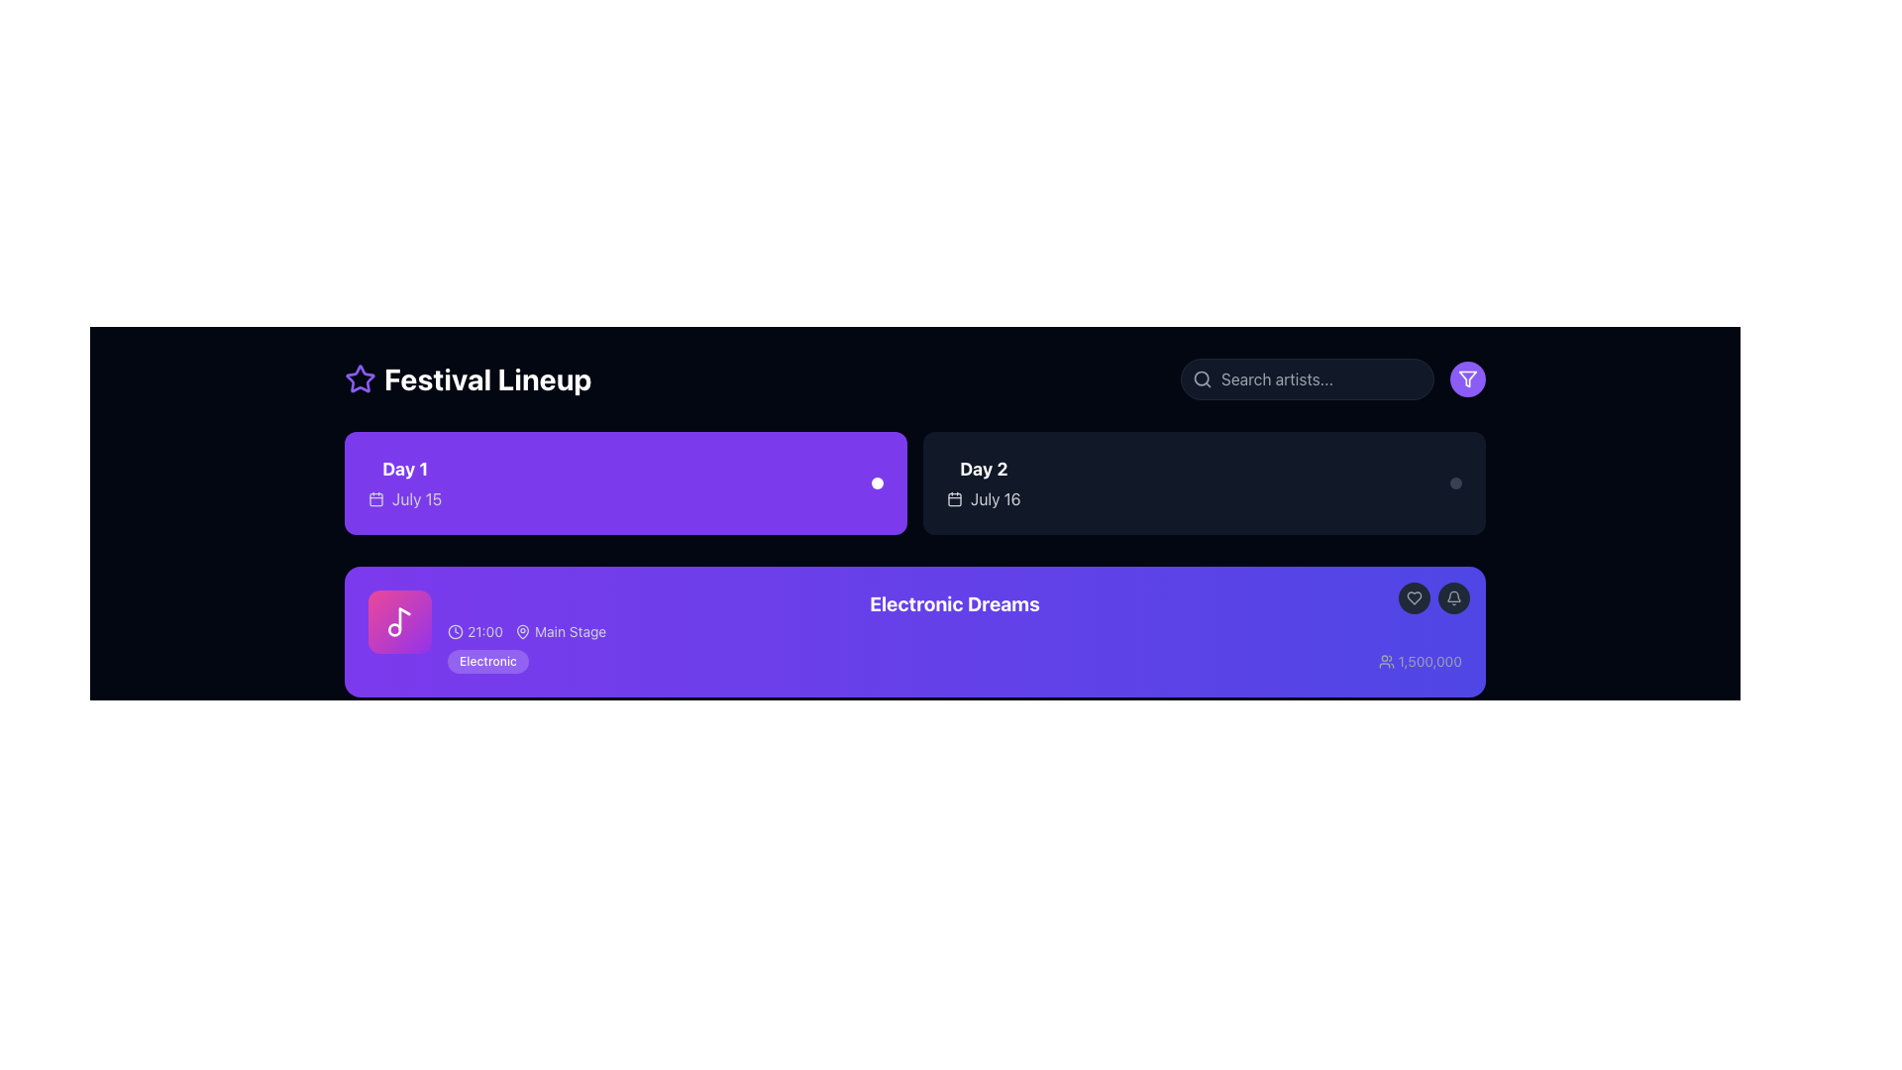 This screenshot has width=1902, height=1070. Describe the element at coordinates (1202, 378) in the screenshot. I see `the search icon represented by a magnifying glass graphic, which is located inside the text input field with the placeholder 'Search artists...'` at that location.